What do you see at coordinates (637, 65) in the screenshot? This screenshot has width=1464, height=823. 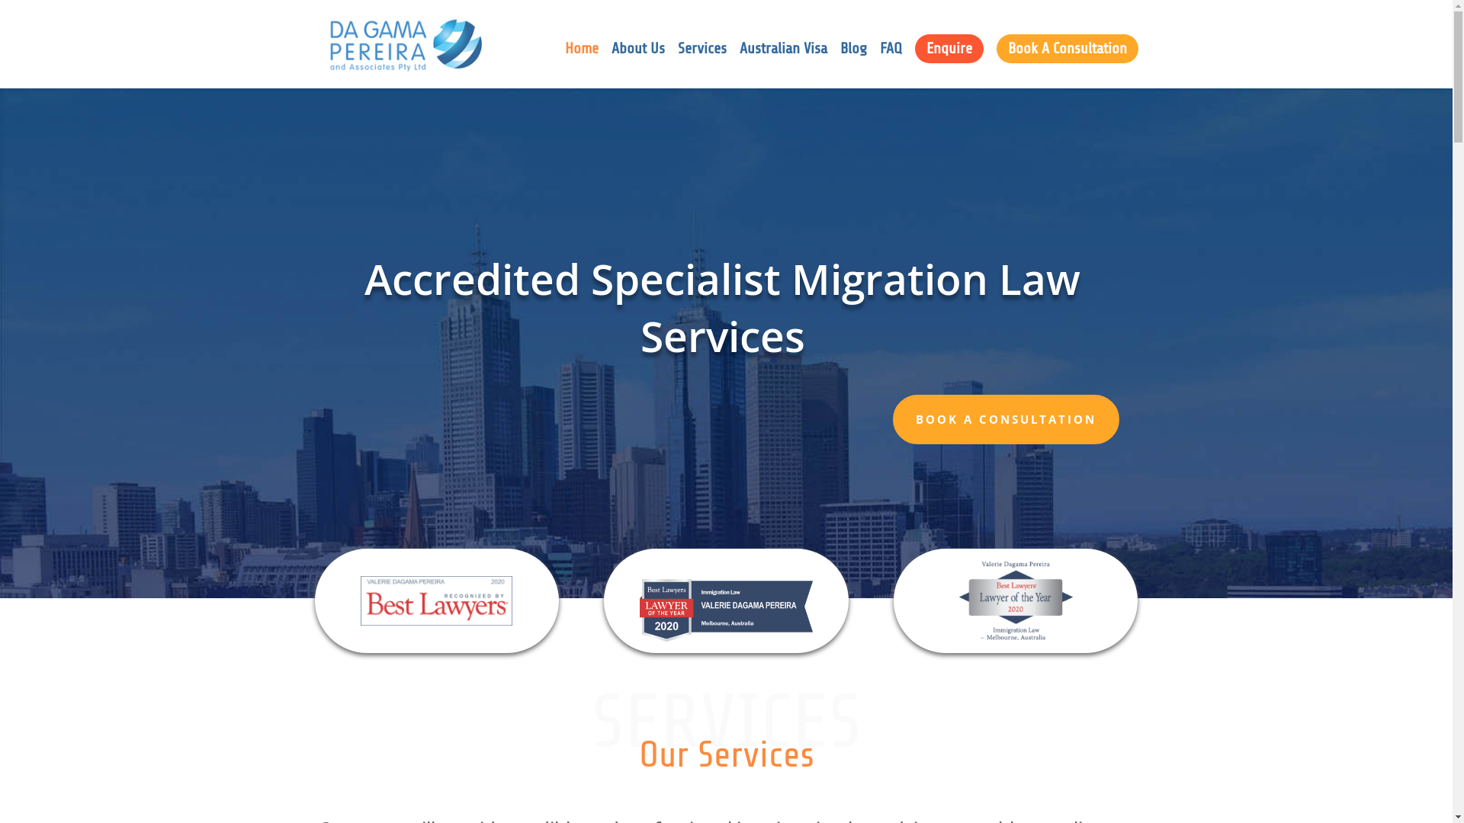 I see `'About Us'` at bounding box center [637, 65].